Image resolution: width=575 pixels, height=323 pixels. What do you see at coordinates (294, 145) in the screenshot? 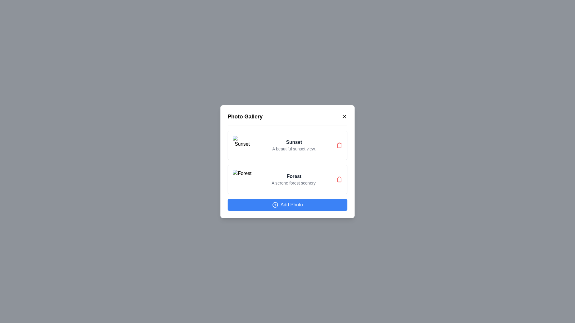
I see `the Text block that displays the title and description of the 'Sunset' photo, which is located to the right of a small square image and above a red delete button in the 'Photo Gallery' list` at bounding box center [294, 145].